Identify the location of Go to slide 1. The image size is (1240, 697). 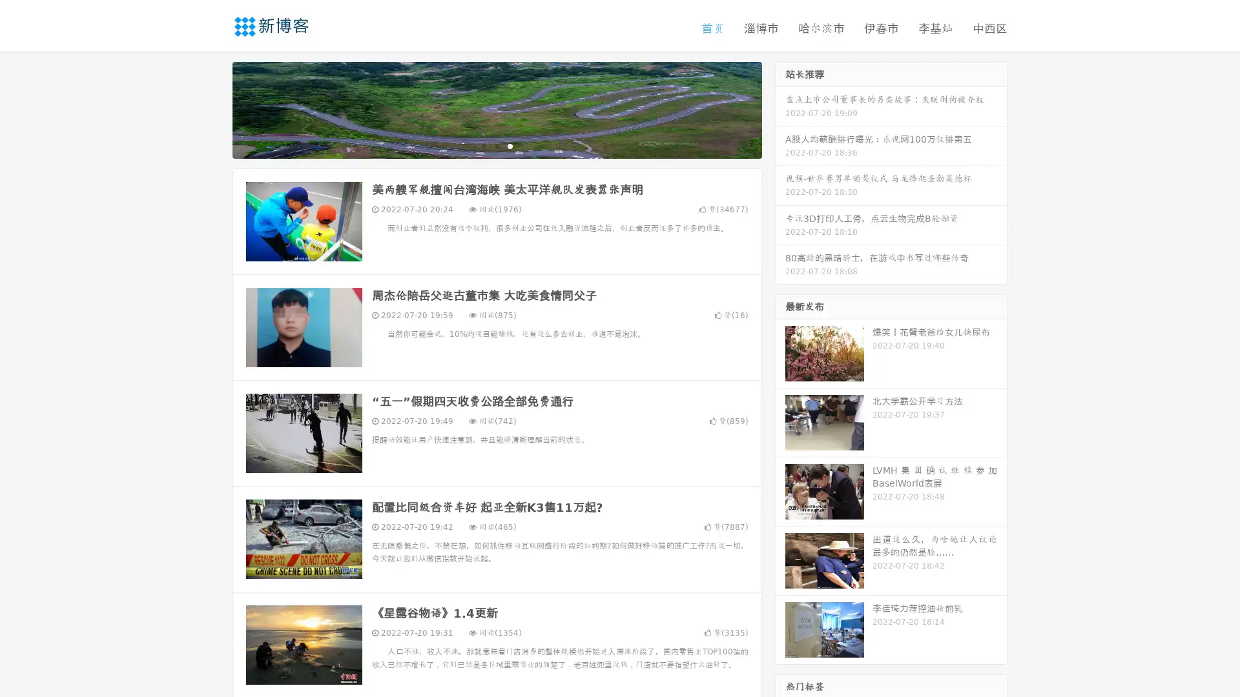
(483, 145).